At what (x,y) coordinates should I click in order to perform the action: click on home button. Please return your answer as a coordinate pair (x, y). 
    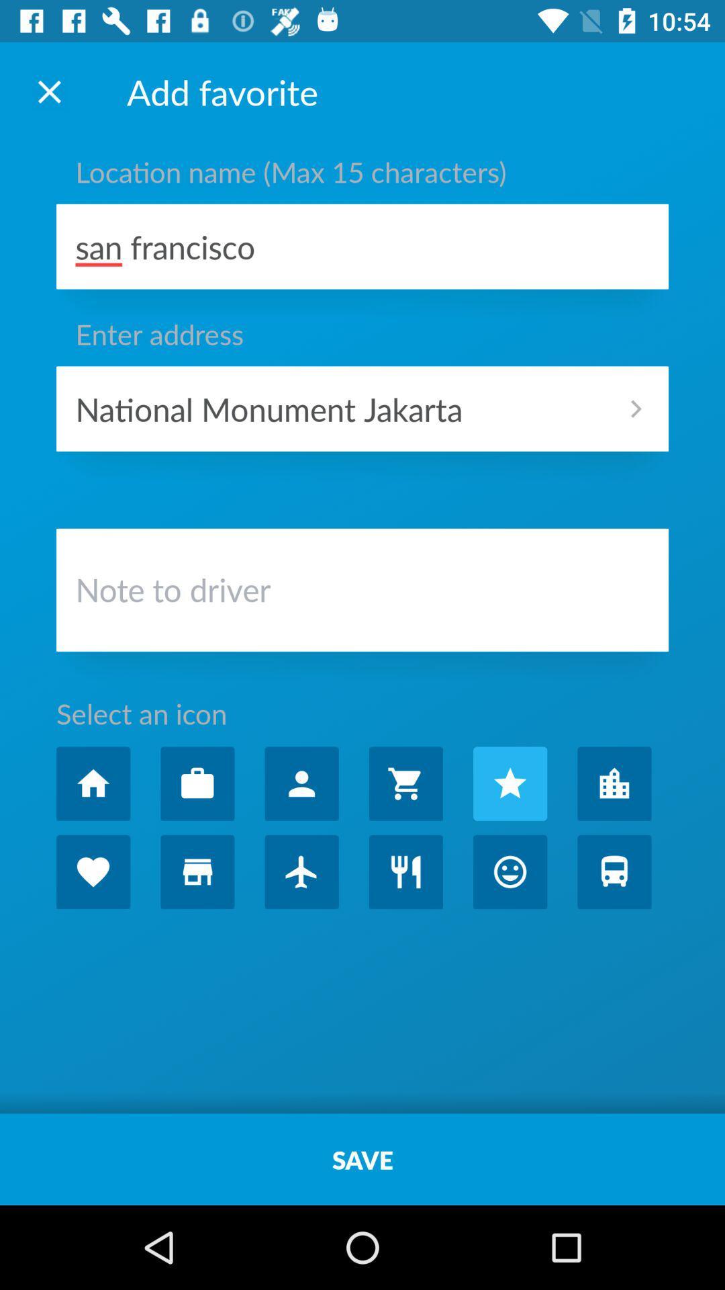
    Looking at the image, I should click on (93, 783).